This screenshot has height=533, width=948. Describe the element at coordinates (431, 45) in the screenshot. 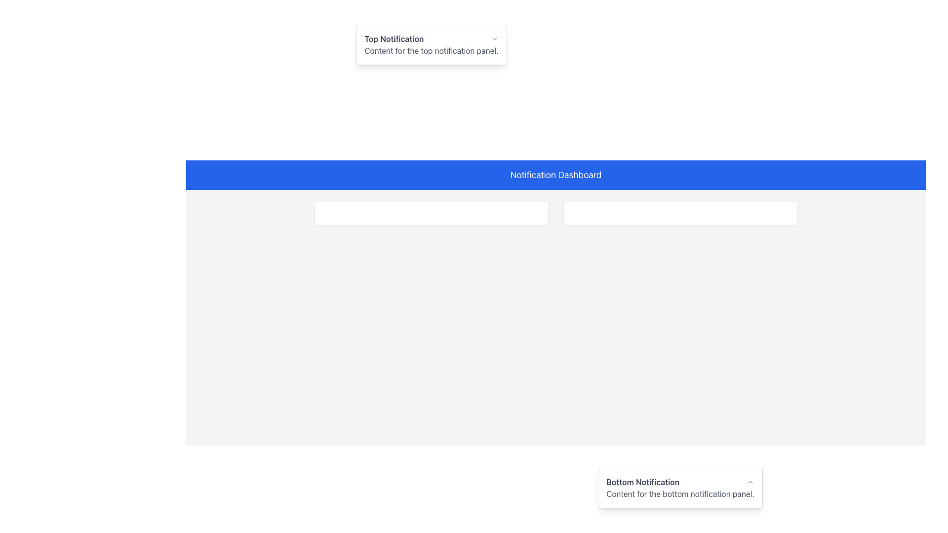

I see `the Notification Panel, which contains the bold text 'Top Notification' and the smaller text 'Content for the top notification panel.'` at that location.